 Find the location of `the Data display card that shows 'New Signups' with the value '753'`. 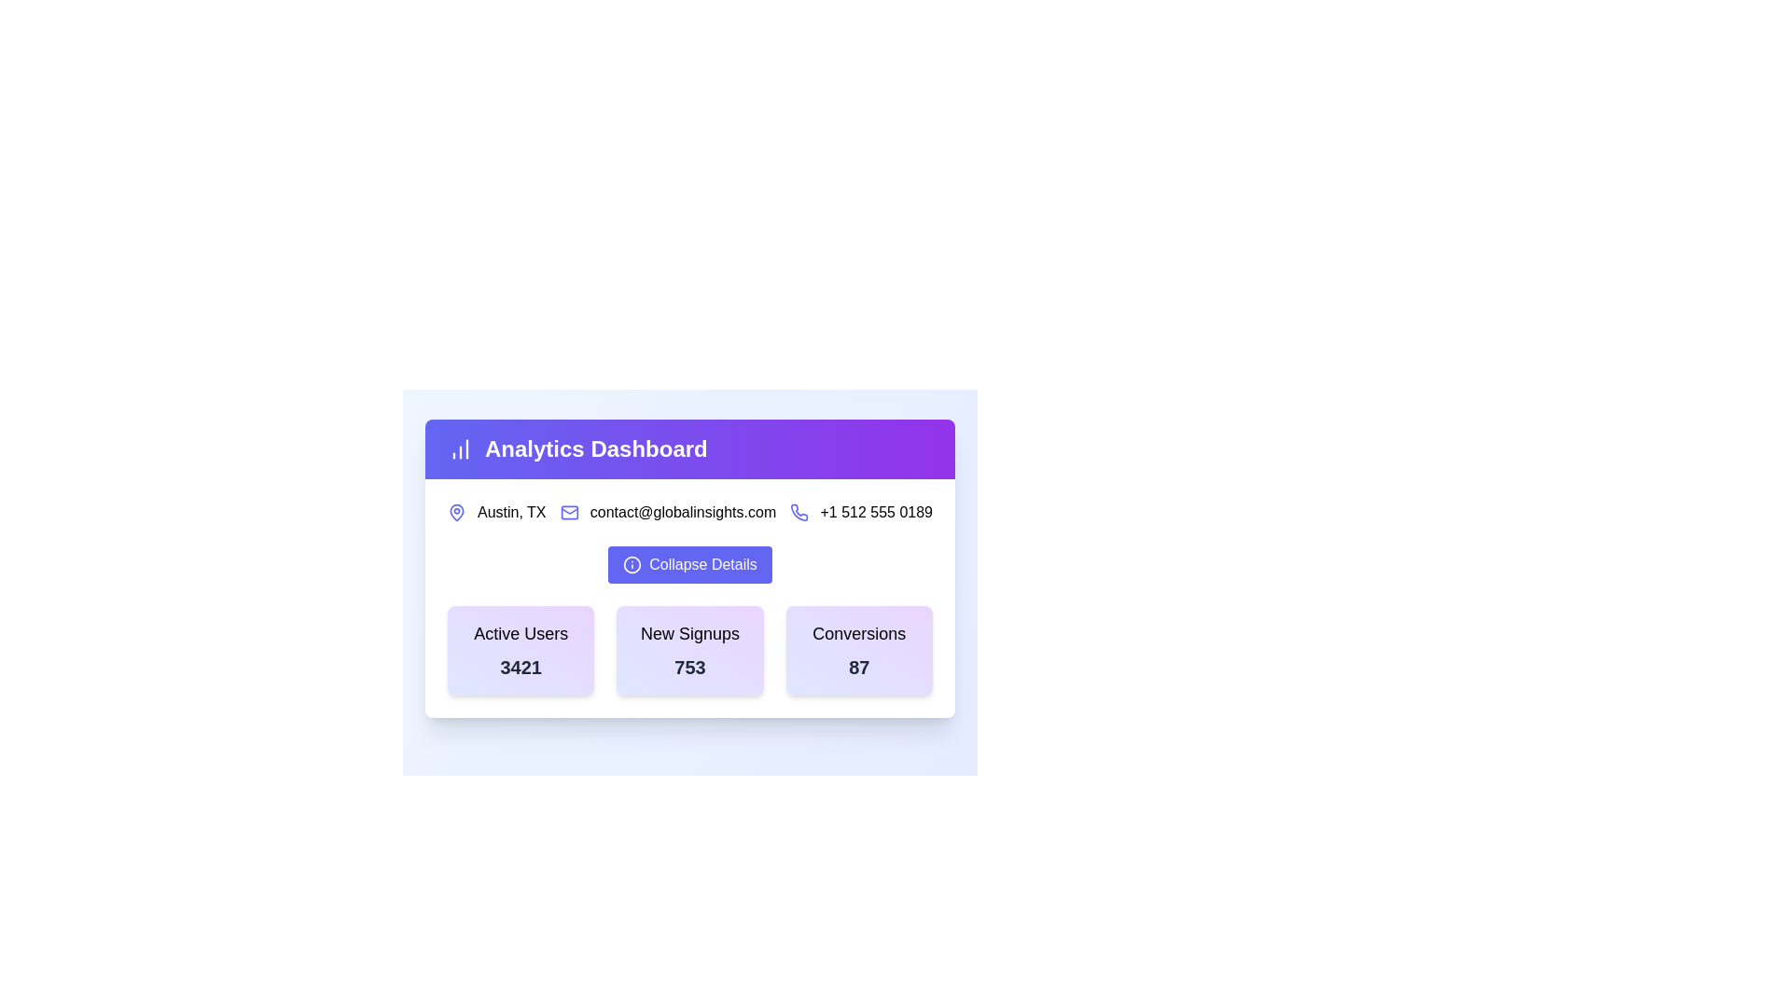

the Data display card that shows 'New Signups' with the value '753' is located at coordinates (688, 650).